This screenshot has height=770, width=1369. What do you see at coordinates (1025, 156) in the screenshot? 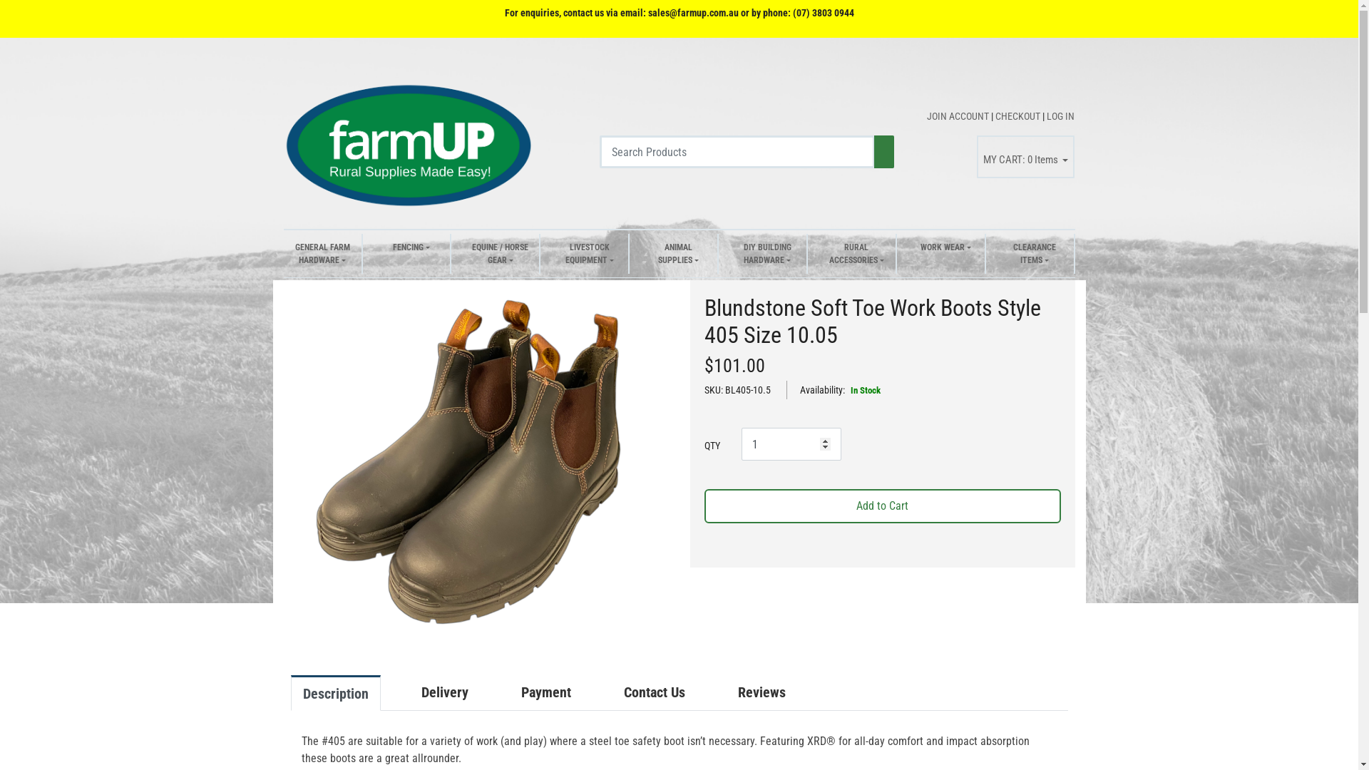
I see `'MY CART: 0 Items'` at bounding box center [1025, 156].